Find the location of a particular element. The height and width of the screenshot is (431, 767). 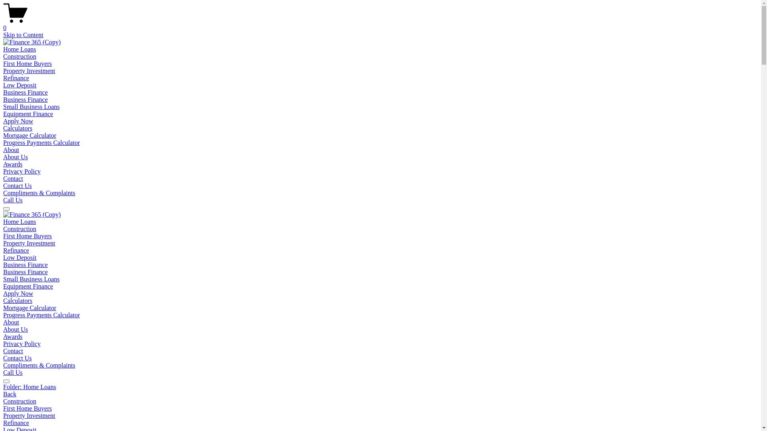

'Call Us' is located at coordinates (13, 200).